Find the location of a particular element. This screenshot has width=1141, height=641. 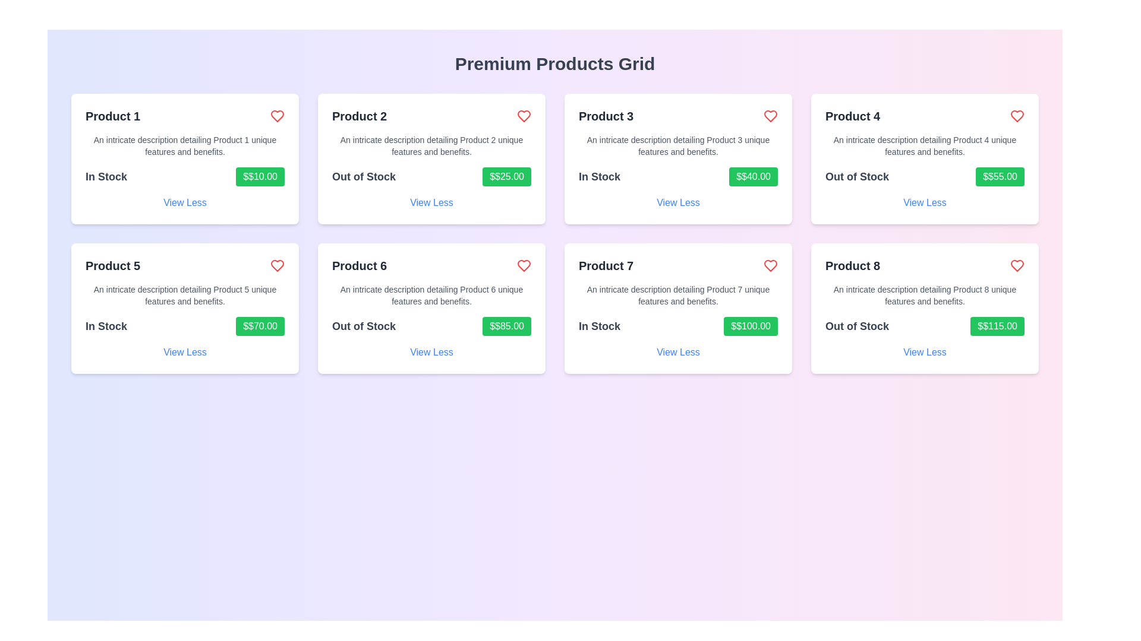

the interactive button that displays the availability status 'In Stock' and the price '$100.00' for 'Product 7', located in the bottom portion of the card, right side of the third row in the grid layout, above the 'View Less' link is located at coordinates (678, 326).